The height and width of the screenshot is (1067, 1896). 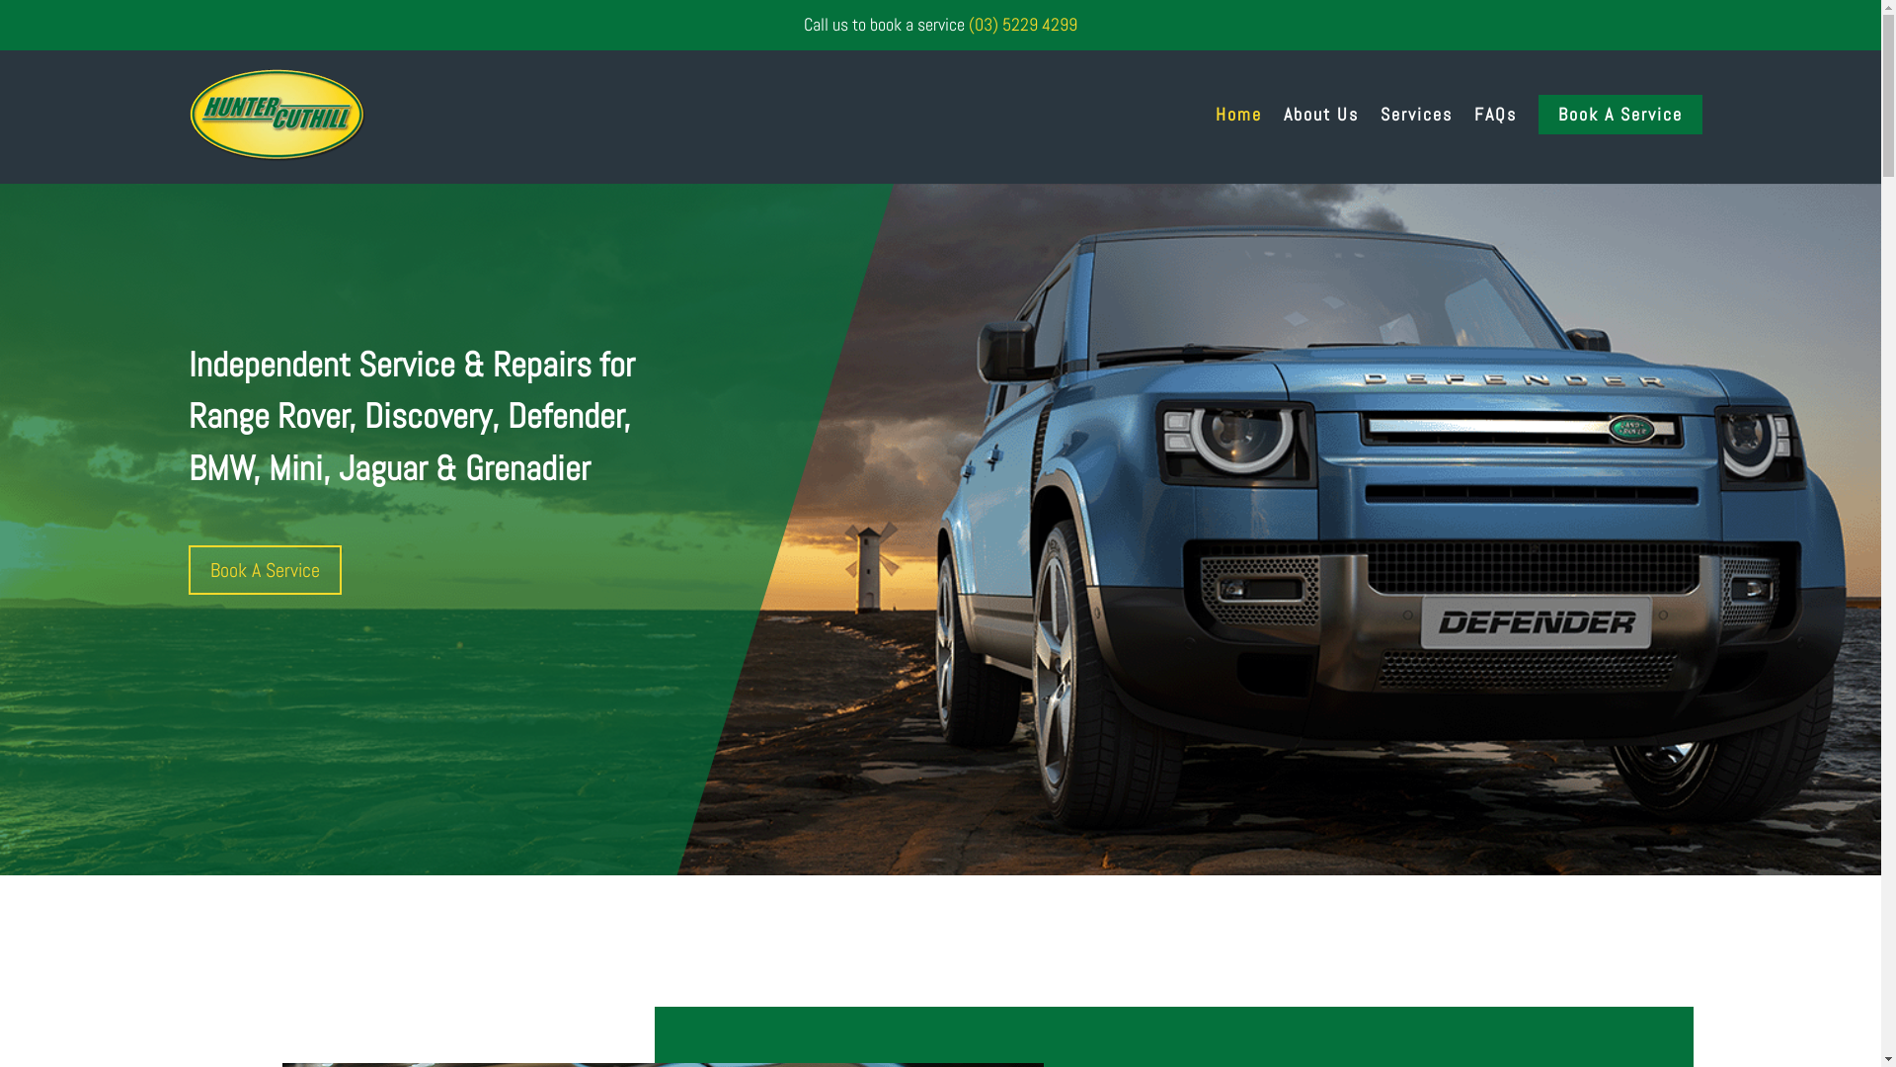 I want to click on '(03) 5229 4299', so click(x=1023, y=24).